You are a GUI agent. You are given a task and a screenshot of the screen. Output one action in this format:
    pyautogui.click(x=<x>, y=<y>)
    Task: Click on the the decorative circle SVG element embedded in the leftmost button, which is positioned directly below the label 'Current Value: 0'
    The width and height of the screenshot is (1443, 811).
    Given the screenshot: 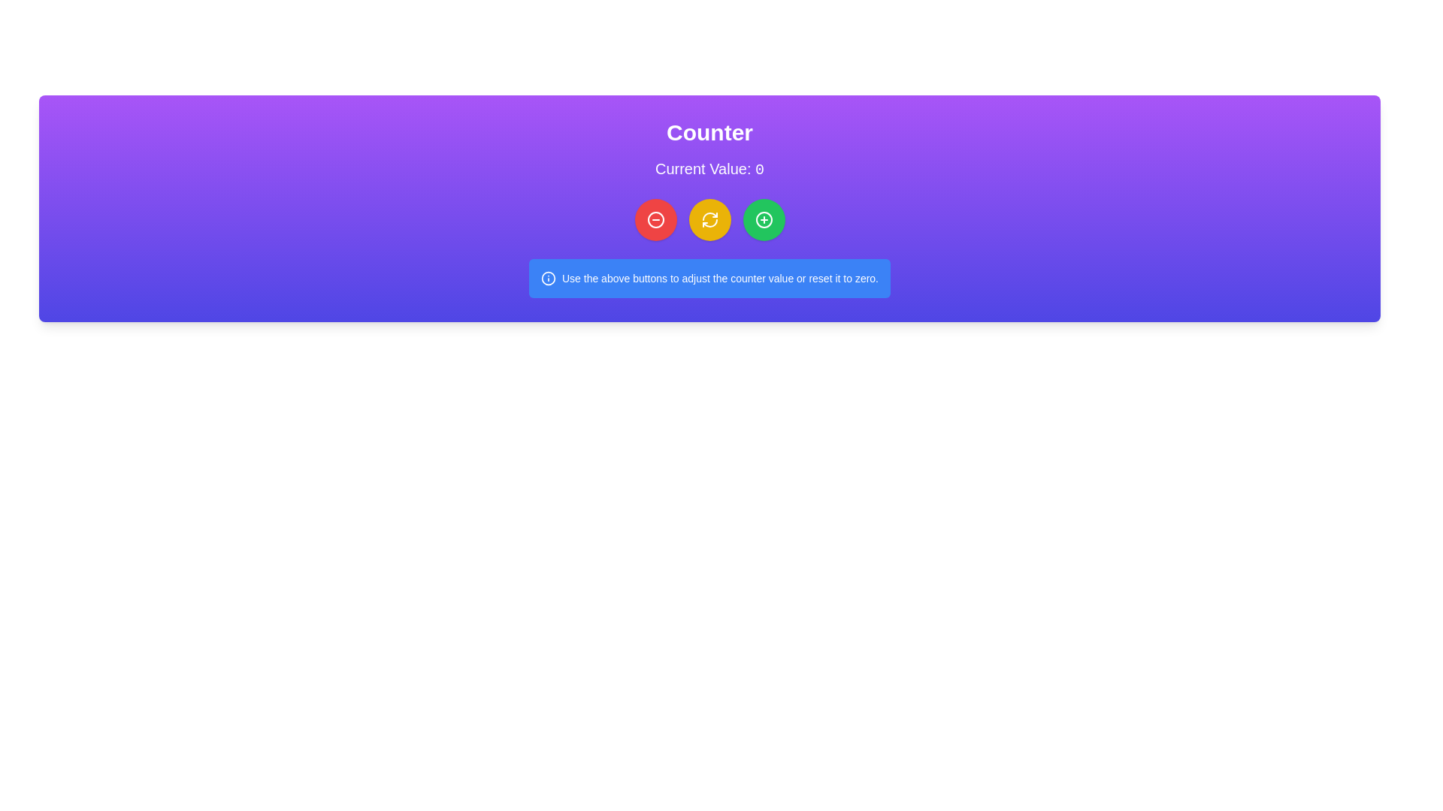 What is the action you would take?
    pyautogui.click(x=655, y=220)
    